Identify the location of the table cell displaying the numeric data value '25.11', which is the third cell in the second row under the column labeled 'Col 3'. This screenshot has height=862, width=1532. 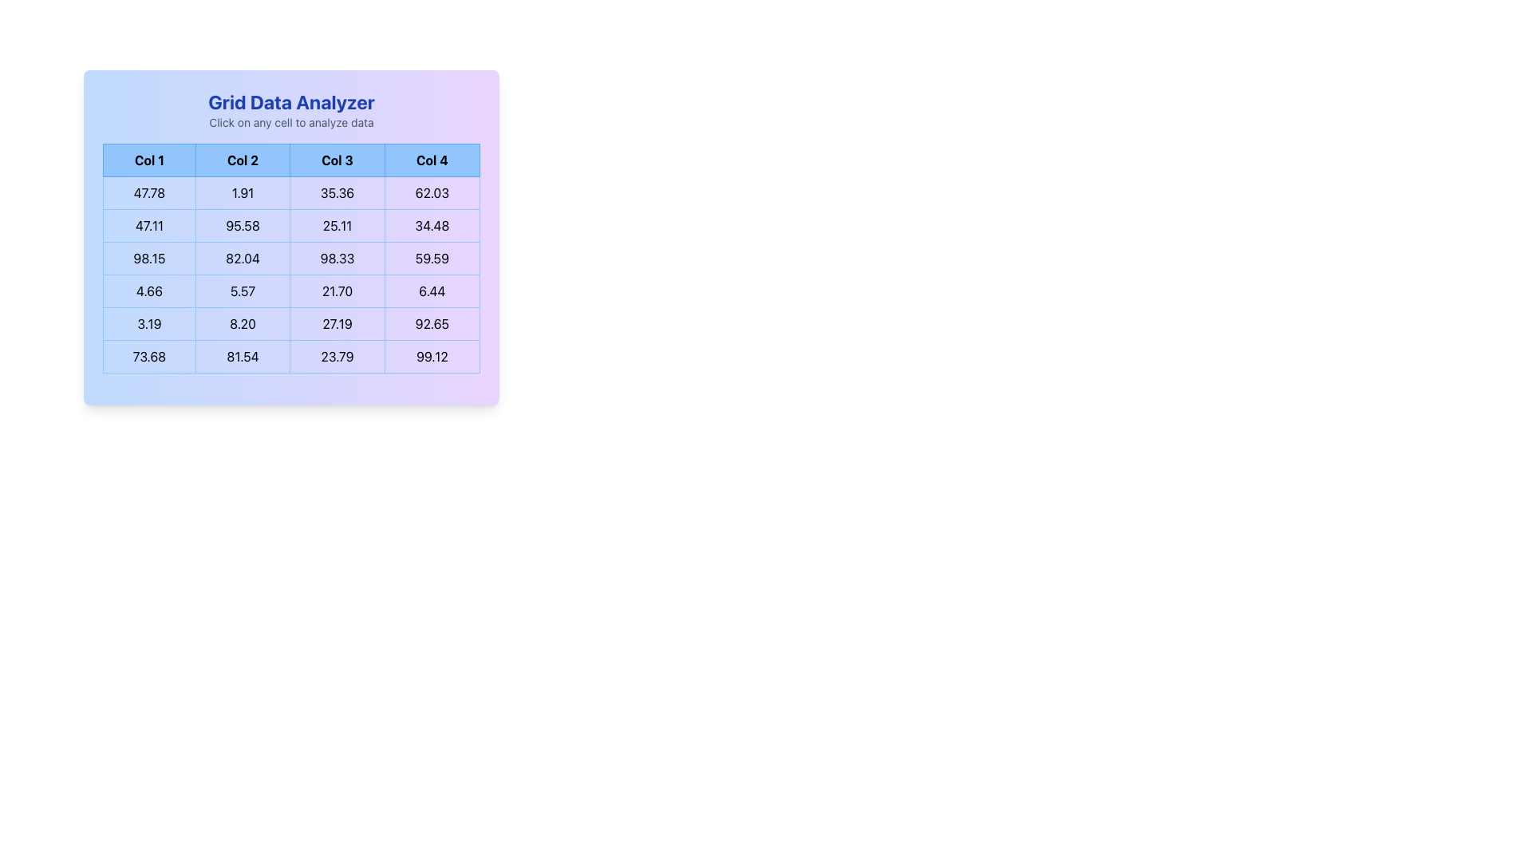
(336, 225).